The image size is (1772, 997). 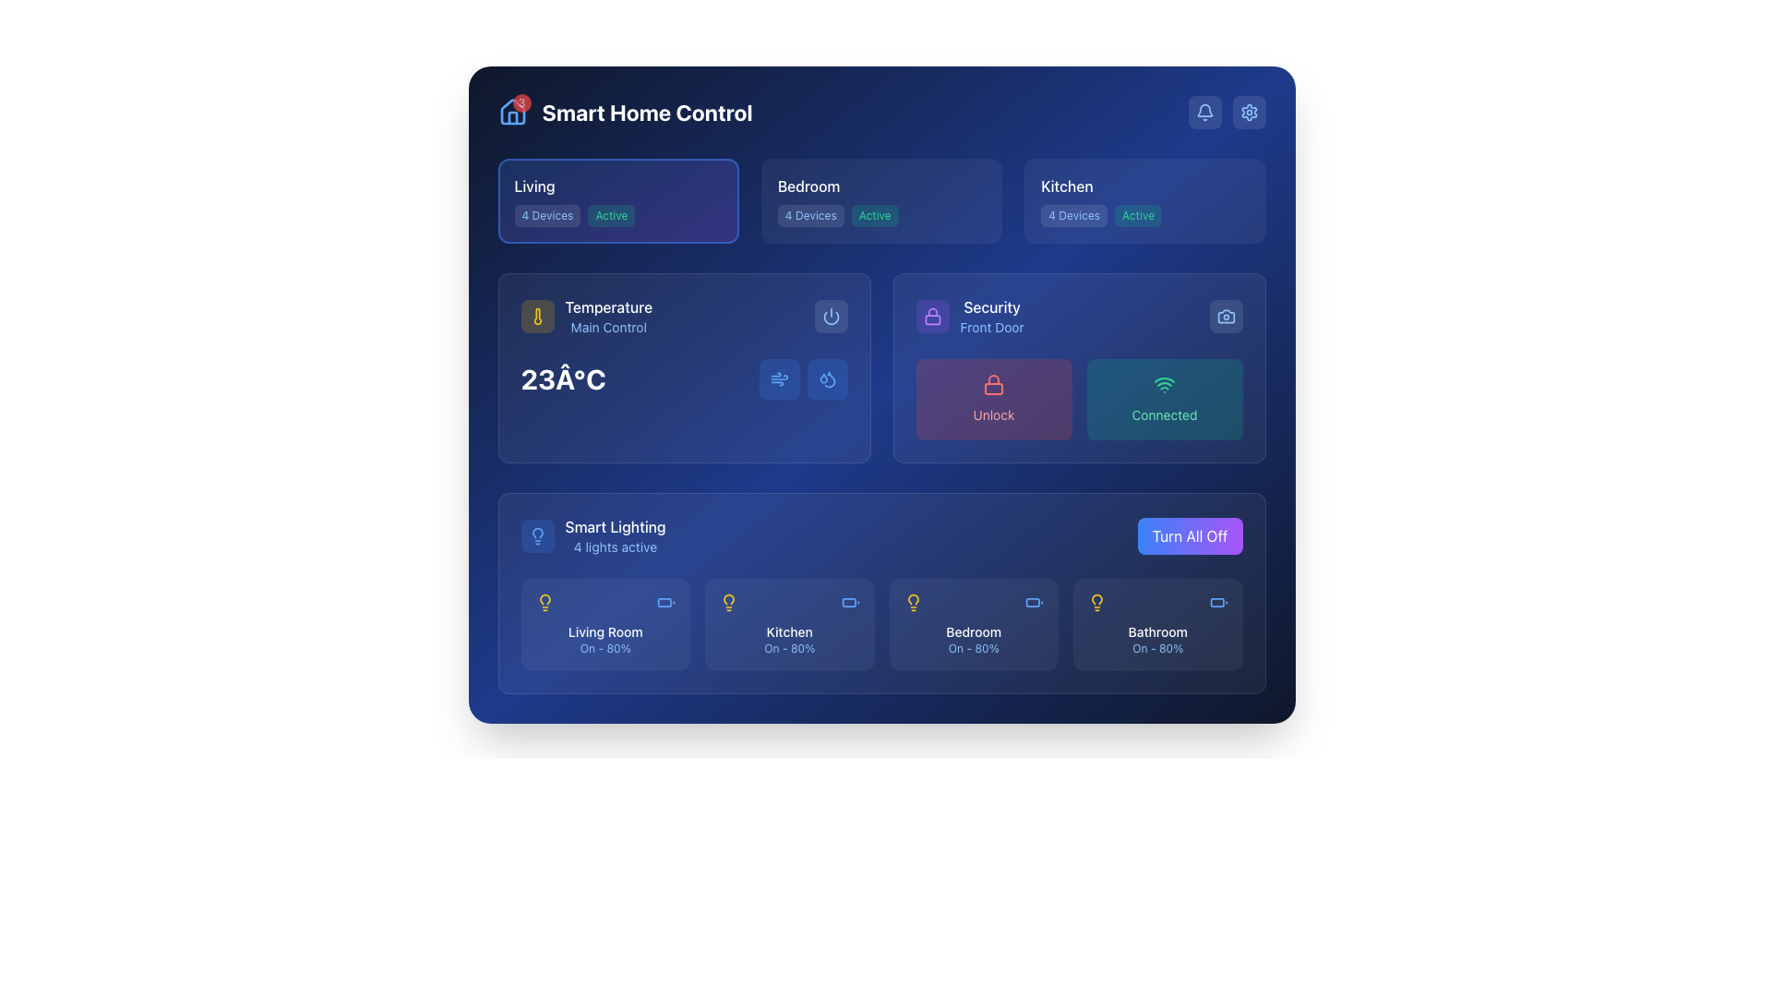 I want to click on the notification button located in the top-right corner of the interface, which has a soft blue background and a bright blue bell icon at its center, so click(x=1204, y=113).